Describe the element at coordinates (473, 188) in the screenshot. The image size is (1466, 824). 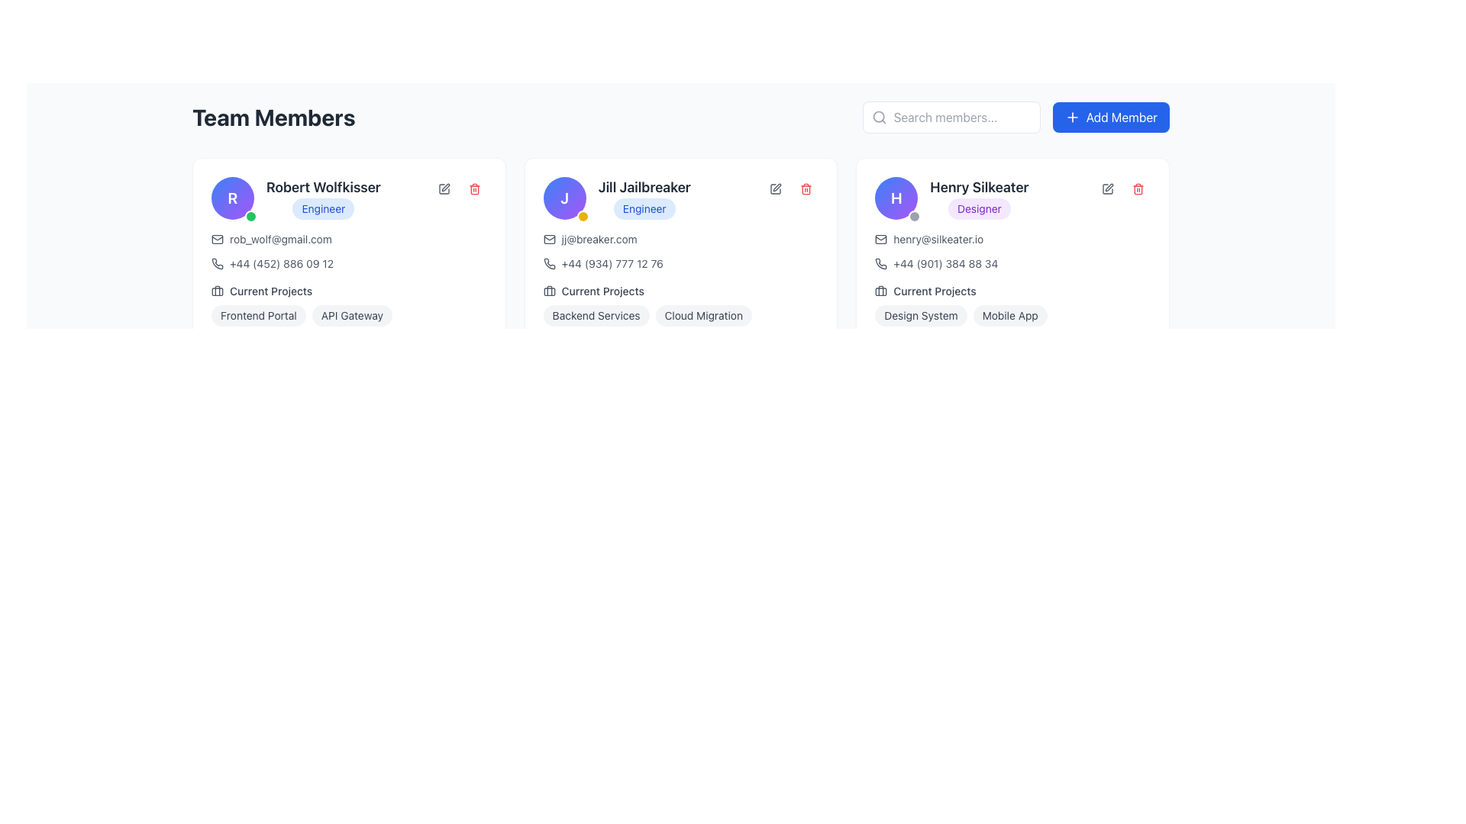
I see `the Delete button icon located in the top-right corner of the 'Robert Wolfkisser' card` at that location.